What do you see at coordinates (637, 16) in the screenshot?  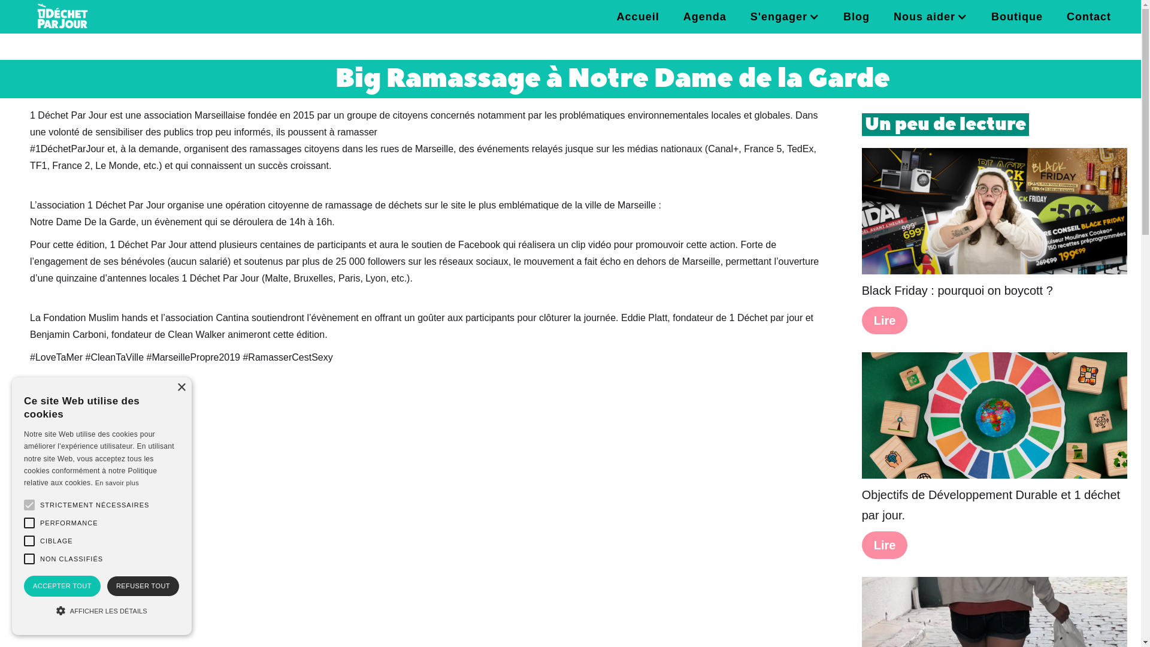 I see `'Accueil'` at bounding box center [637, 16].